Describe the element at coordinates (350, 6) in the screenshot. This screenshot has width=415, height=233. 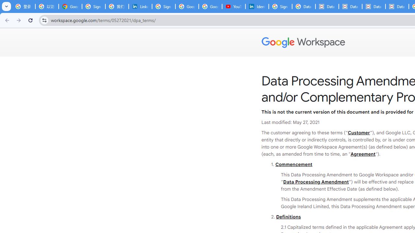
I see `'Data Privacy Framework'` at that location.